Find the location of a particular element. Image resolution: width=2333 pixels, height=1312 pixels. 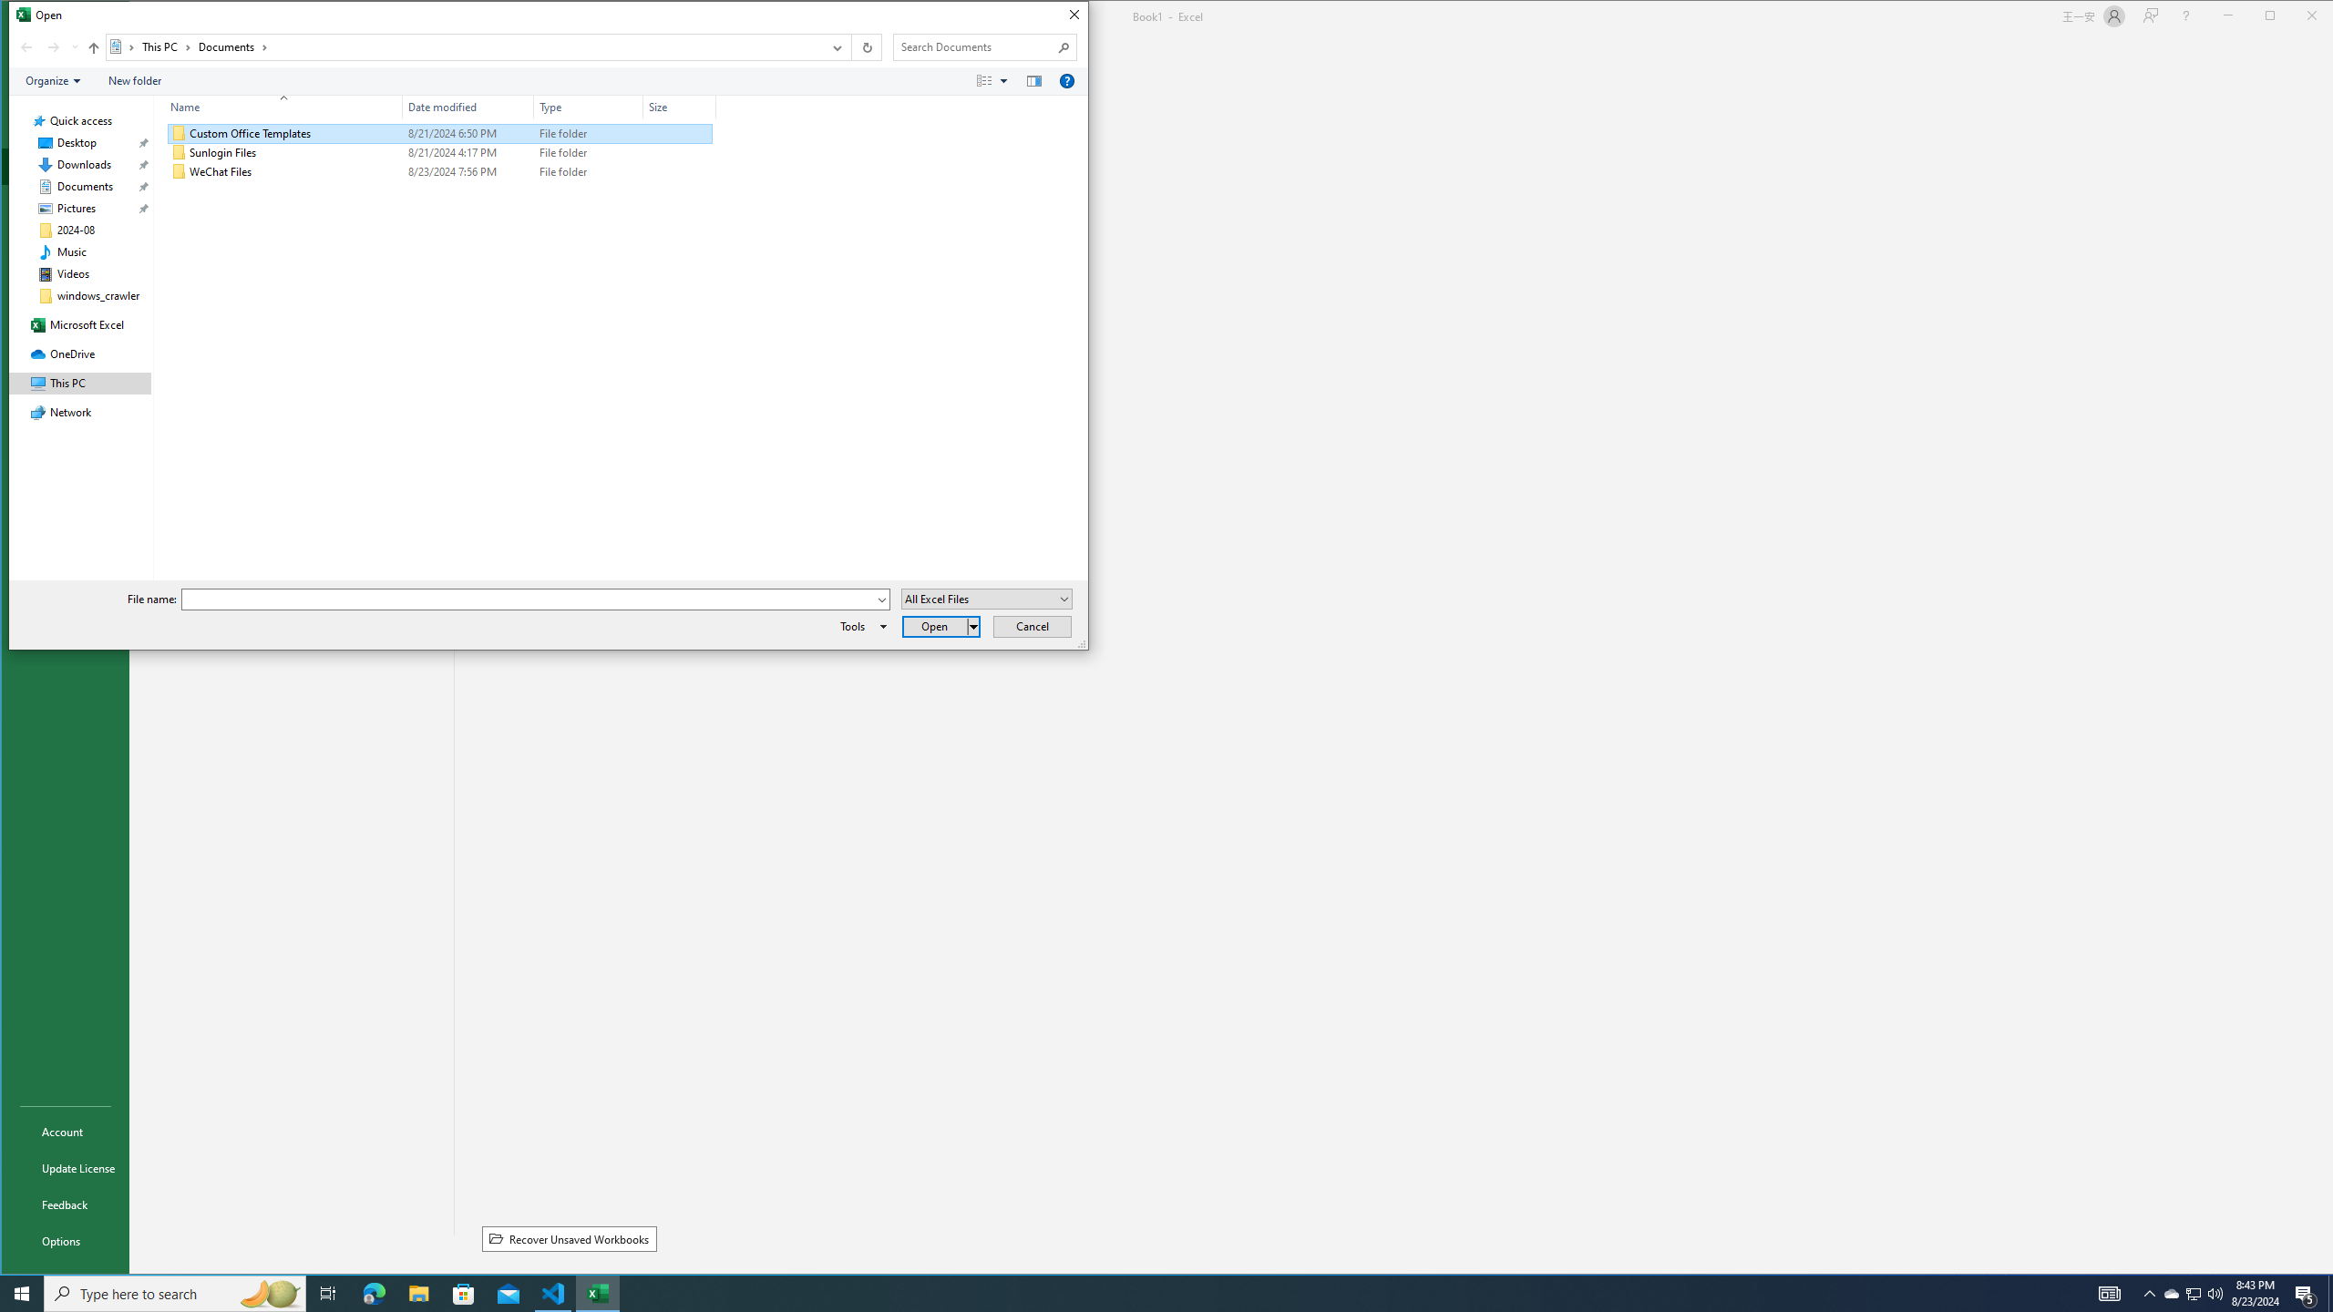

'Address: Documents' is located at coordinates (464, 46).